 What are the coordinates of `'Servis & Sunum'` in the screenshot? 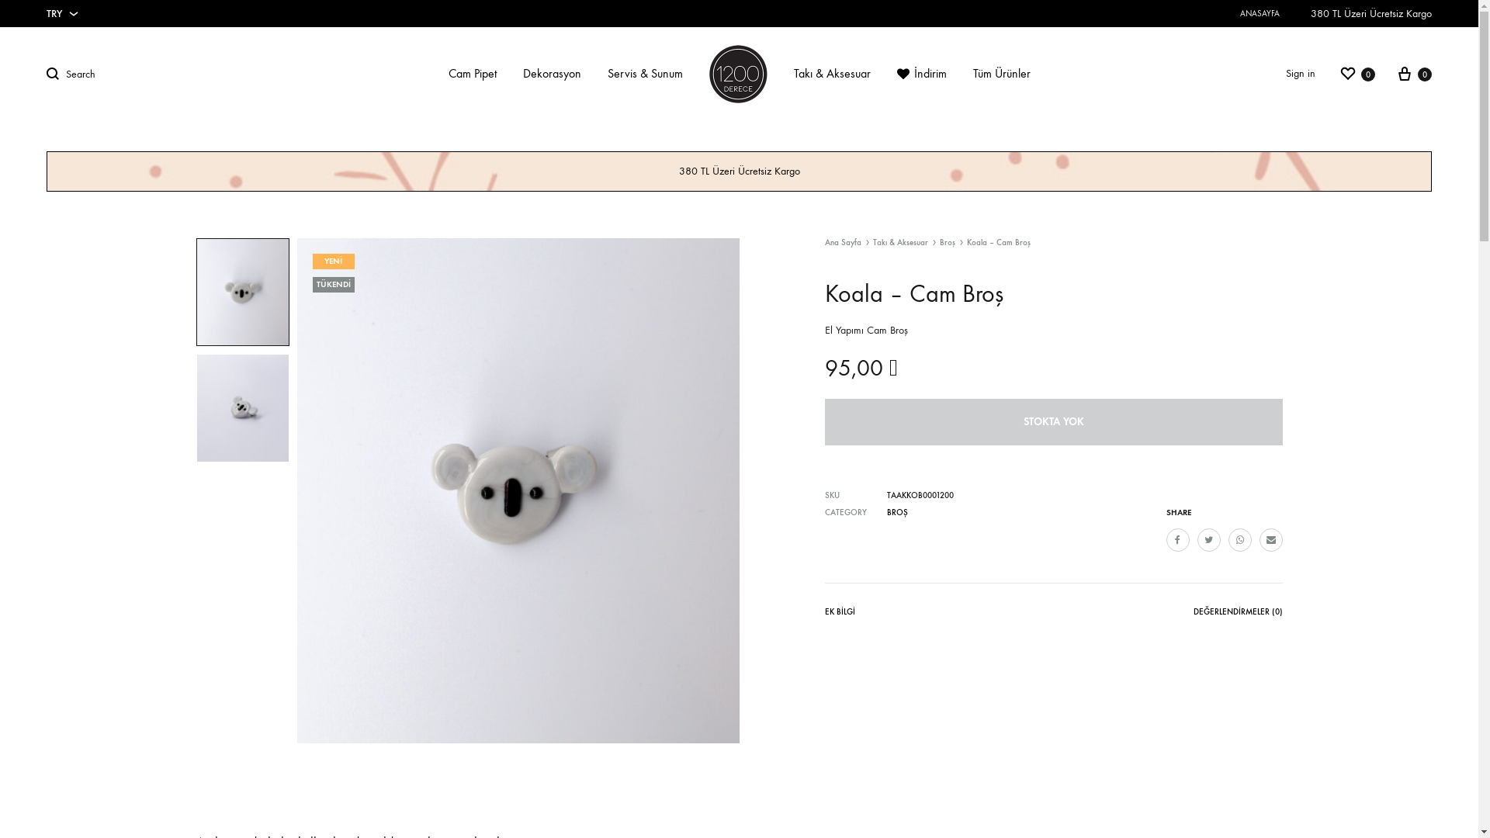 It's located at (606, 74).